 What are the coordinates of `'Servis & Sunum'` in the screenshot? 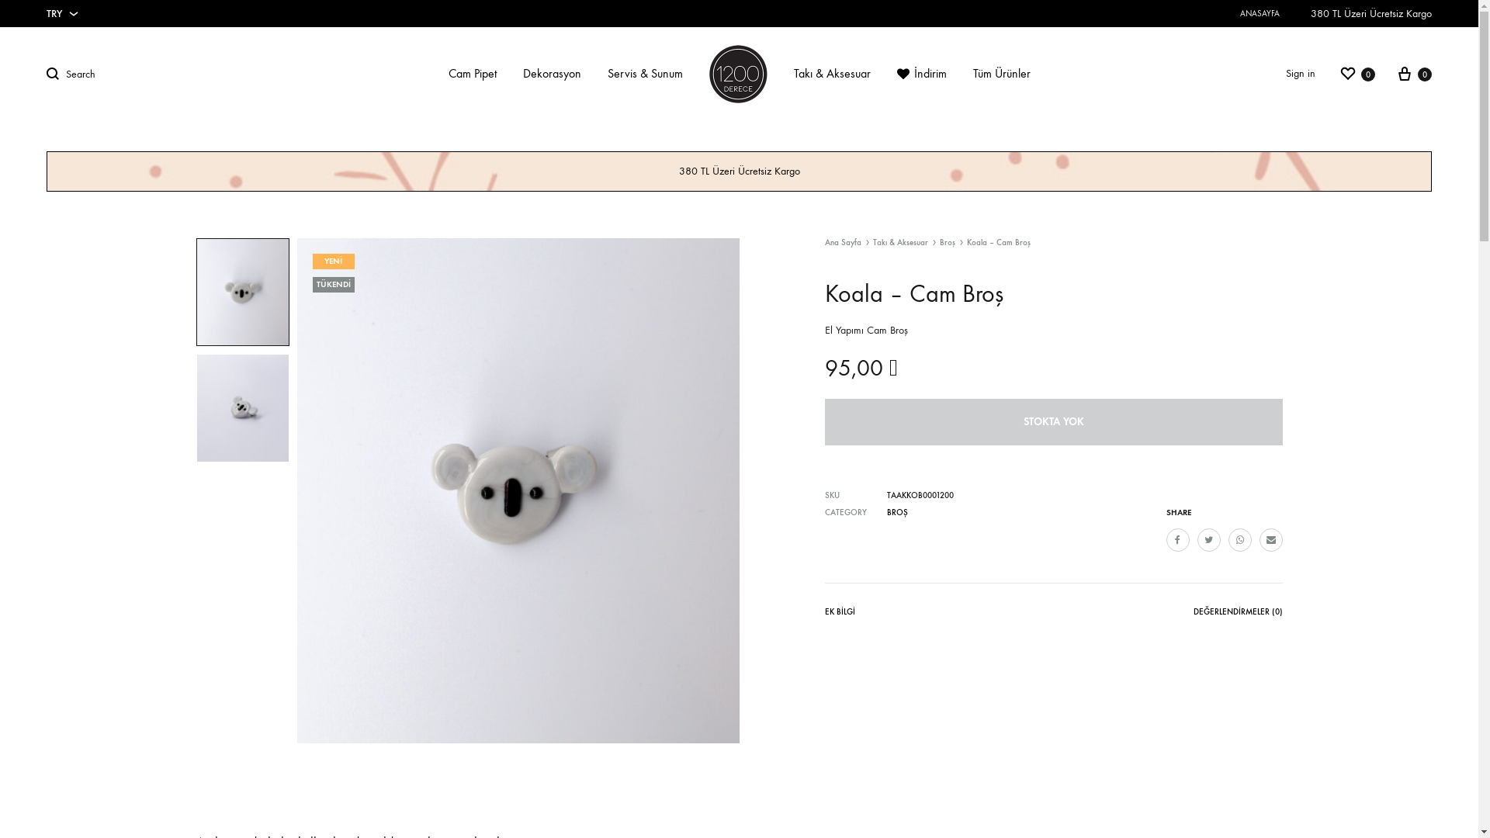 It's located at (606, 74).